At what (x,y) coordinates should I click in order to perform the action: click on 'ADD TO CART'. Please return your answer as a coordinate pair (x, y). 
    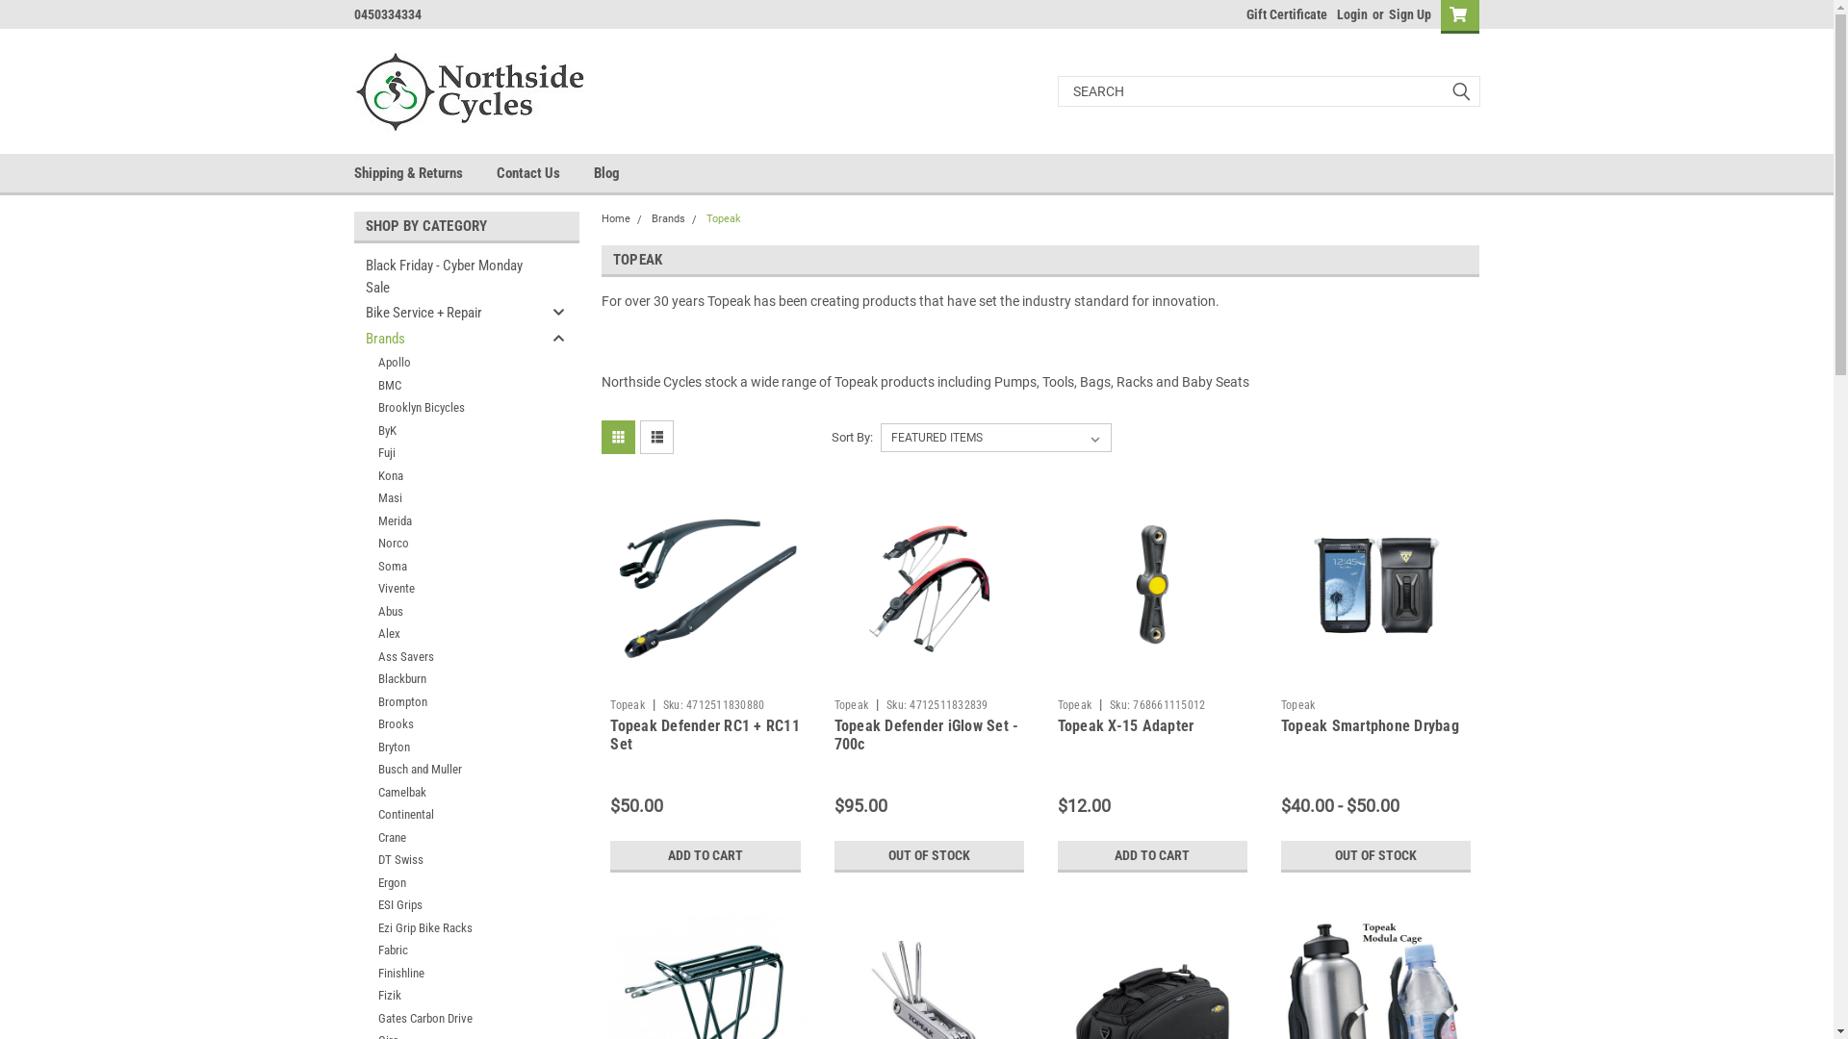
    Looking at the image, I should click on (704, 855).